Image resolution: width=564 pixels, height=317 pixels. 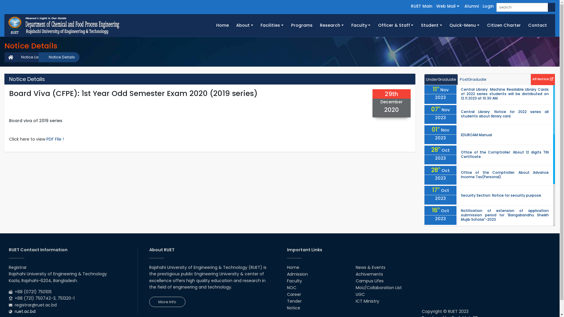 I want to click on 'Faculty', so click(x=360, y=25).